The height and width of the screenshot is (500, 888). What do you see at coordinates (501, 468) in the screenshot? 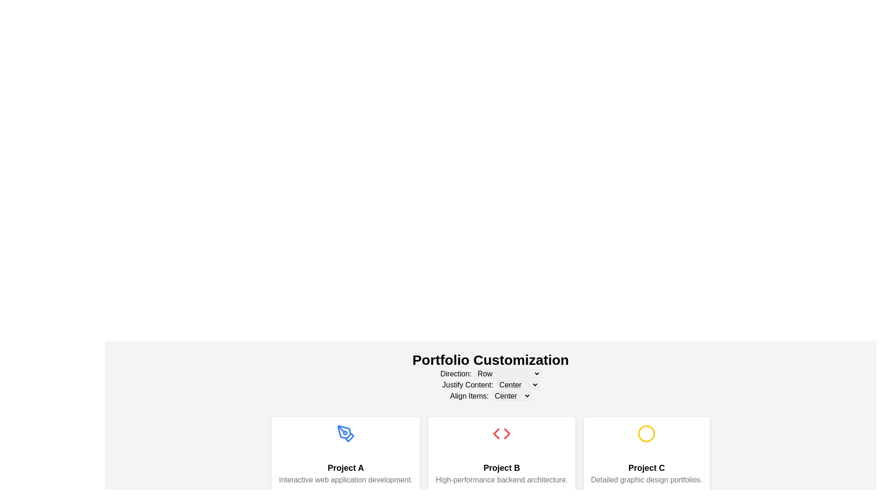
I see `the text label displaying 'Project B', which is styled in bold and larger font, located in the center card of a row of three cards` at bounding box center [501, 468].